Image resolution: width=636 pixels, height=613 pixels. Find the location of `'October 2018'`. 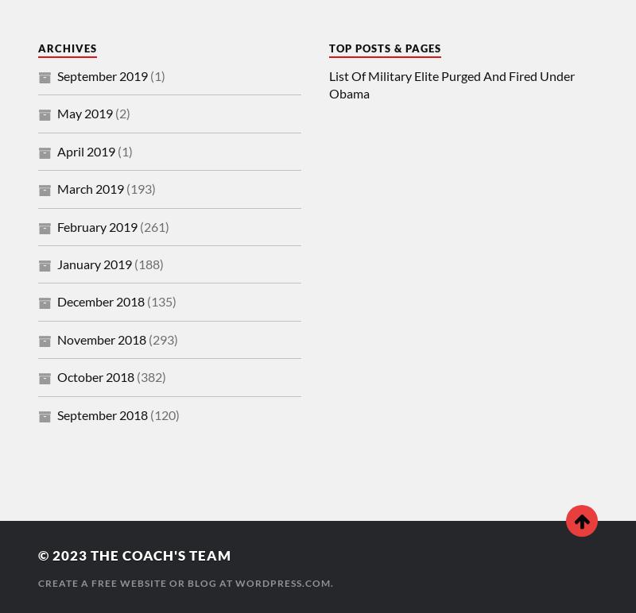

'October 2018' is located at coordinates (95, 376).